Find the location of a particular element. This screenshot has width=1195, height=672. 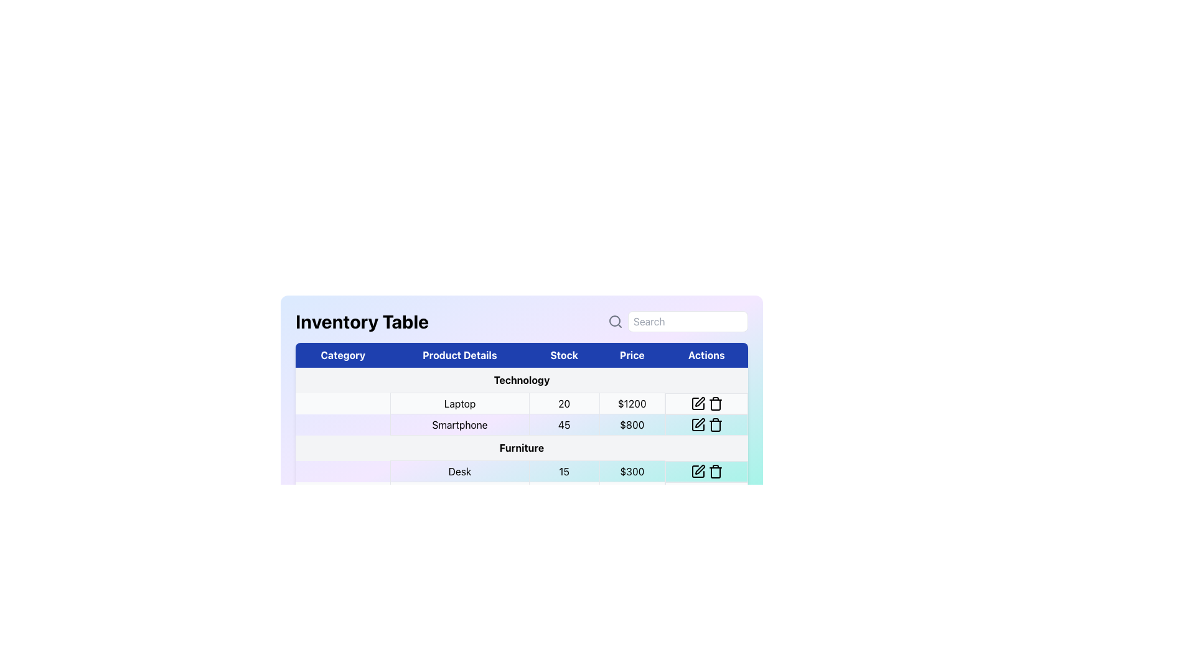

text displayed in the label showing the price '$800', which is styled with a border and padding, located in the 'Price' column of the table is located at coordinates (632, 424).